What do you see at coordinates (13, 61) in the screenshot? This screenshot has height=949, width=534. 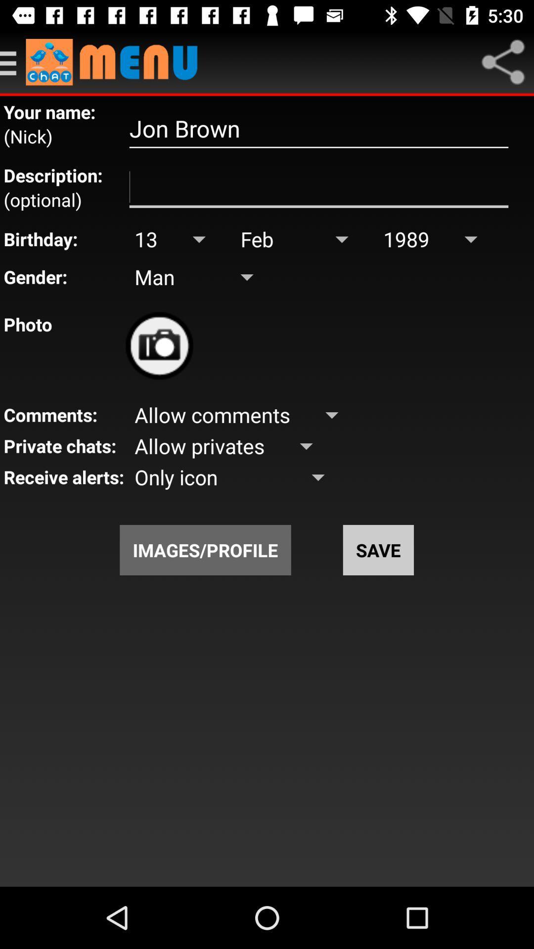 I see `the menu icon` at bounding box center [13, 61].